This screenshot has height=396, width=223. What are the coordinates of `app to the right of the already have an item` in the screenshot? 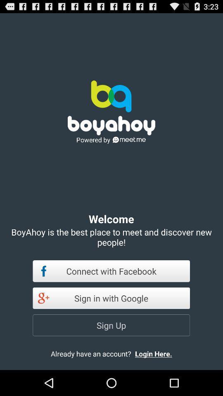 It's located at (160, 353).